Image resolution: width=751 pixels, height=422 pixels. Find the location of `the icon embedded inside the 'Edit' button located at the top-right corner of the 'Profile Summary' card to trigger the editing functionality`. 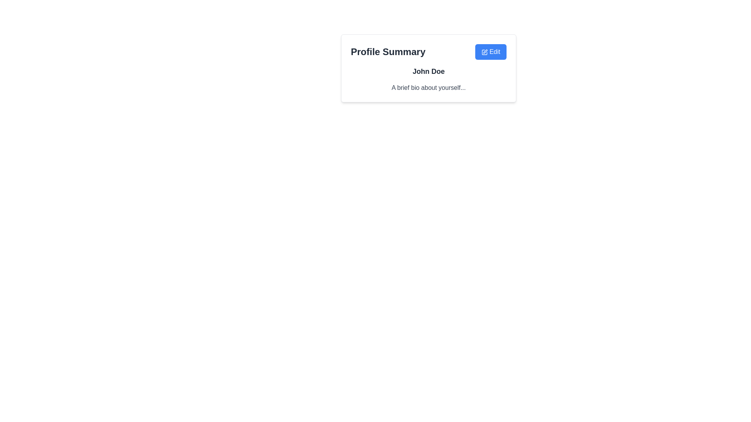

the icon embedded inside the 'Edit' button located at the top-right corner of the 'Profile Summary' card to trigger the editing functionality is located at coordinates (484, 52).